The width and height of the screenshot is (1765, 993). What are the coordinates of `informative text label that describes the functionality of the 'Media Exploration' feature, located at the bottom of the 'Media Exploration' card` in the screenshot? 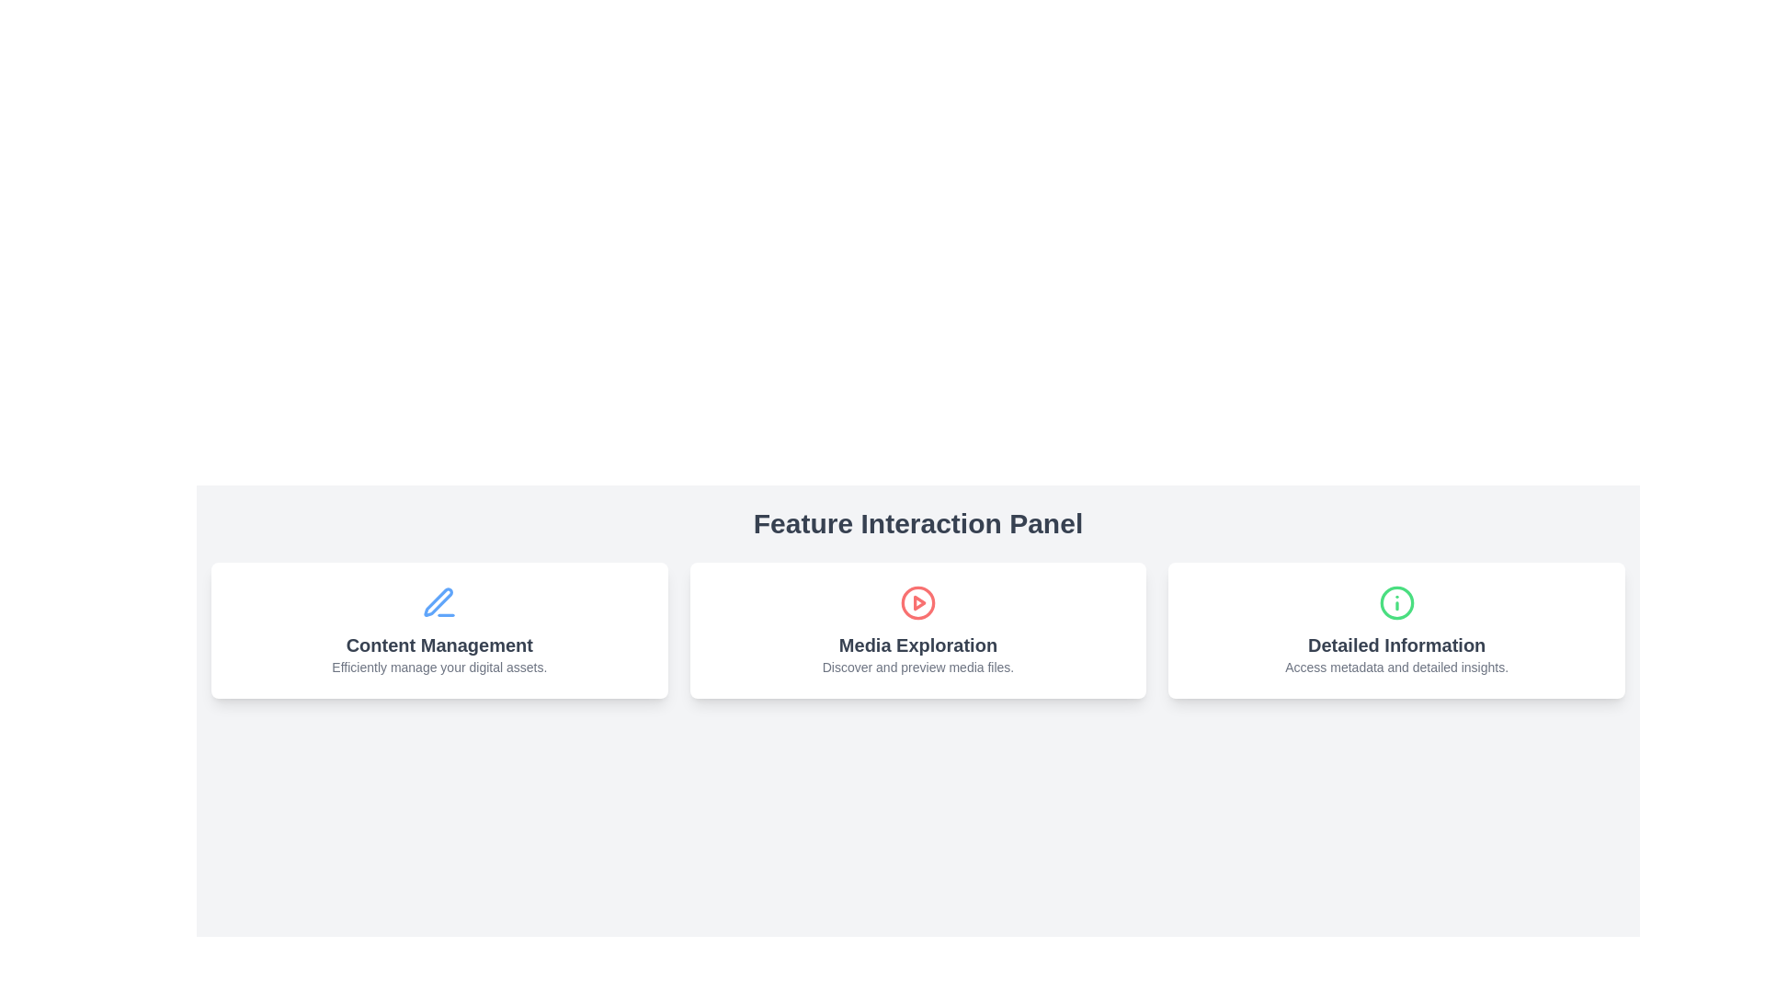 It's located at (917, 667).